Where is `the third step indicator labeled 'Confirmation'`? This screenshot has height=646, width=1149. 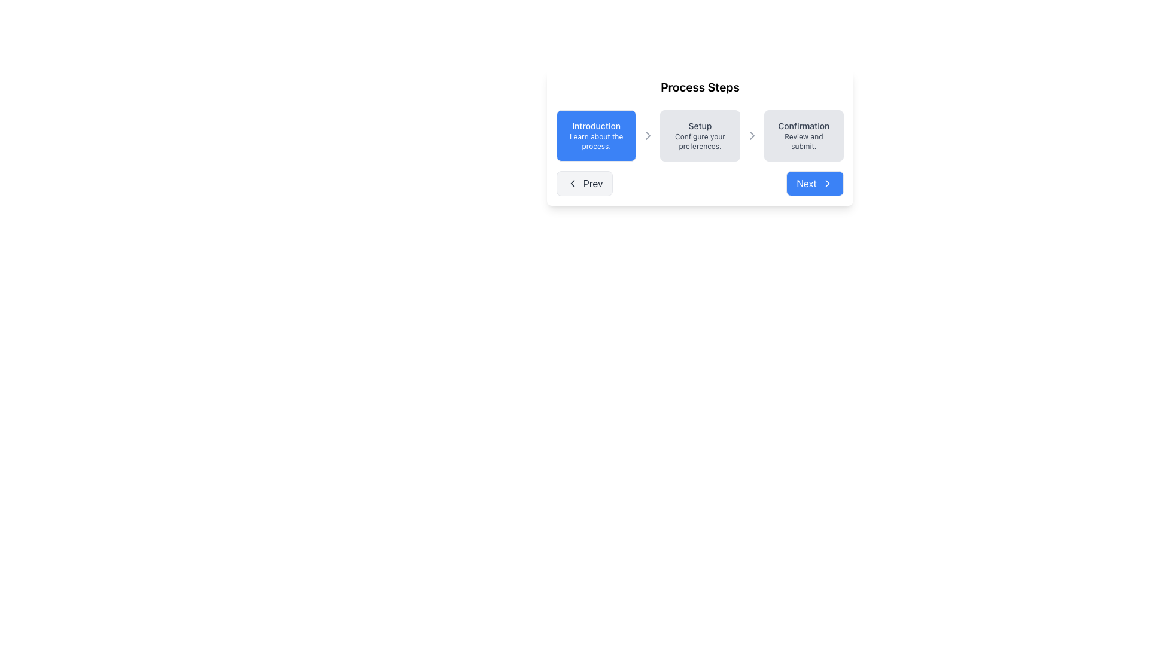 the third step indicator labeled 'Confirmation' is located at coordinates (804, 135).